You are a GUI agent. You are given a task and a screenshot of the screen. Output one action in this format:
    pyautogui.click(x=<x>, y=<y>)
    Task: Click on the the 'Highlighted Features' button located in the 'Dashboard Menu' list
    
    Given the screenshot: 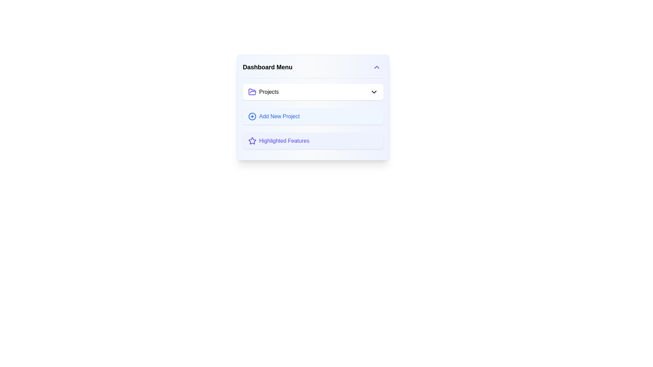 What is the action you would take?
    pyautogui.click(x=313, y=141)
    